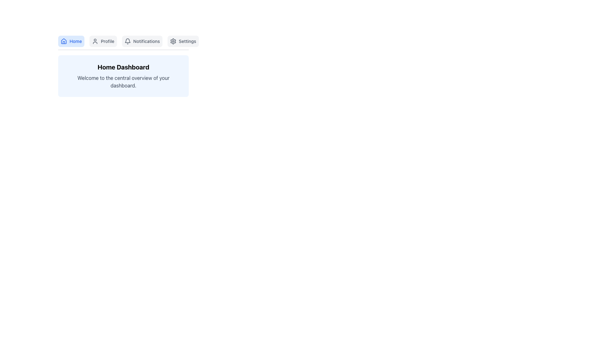 Image resolution: width=607 pixels, height=341 pixels. Describe the element at coordinates (71, 41) in the screenshot. I see `the 'Home' navigation button located at the top-left corner of the interface` at that location.